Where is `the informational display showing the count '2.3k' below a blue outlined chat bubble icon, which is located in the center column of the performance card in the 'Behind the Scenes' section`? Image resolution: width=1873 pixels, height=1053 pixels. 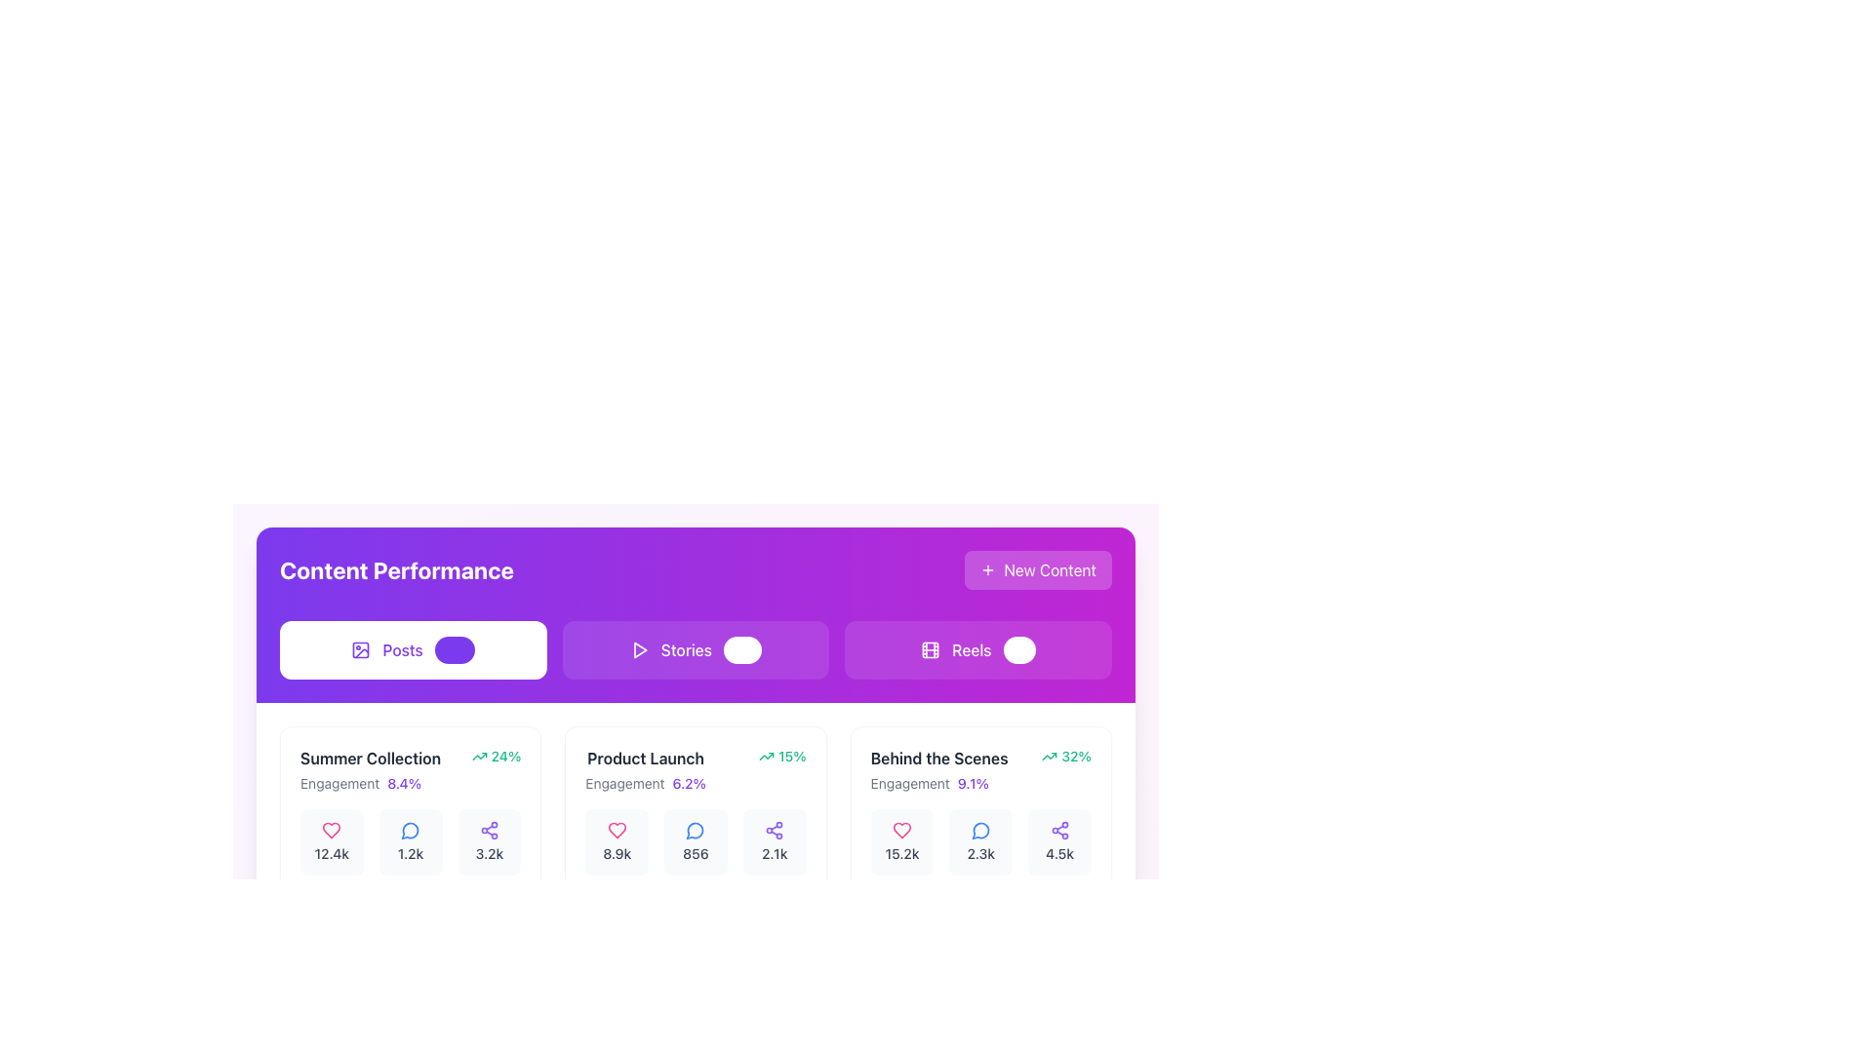 the informational display showing the count '2.3k' below a blue outlined chat bubble icon, which is located in the center column of the performance card in the 'Behind the Scenes' section is located at coordinates (980, 841).